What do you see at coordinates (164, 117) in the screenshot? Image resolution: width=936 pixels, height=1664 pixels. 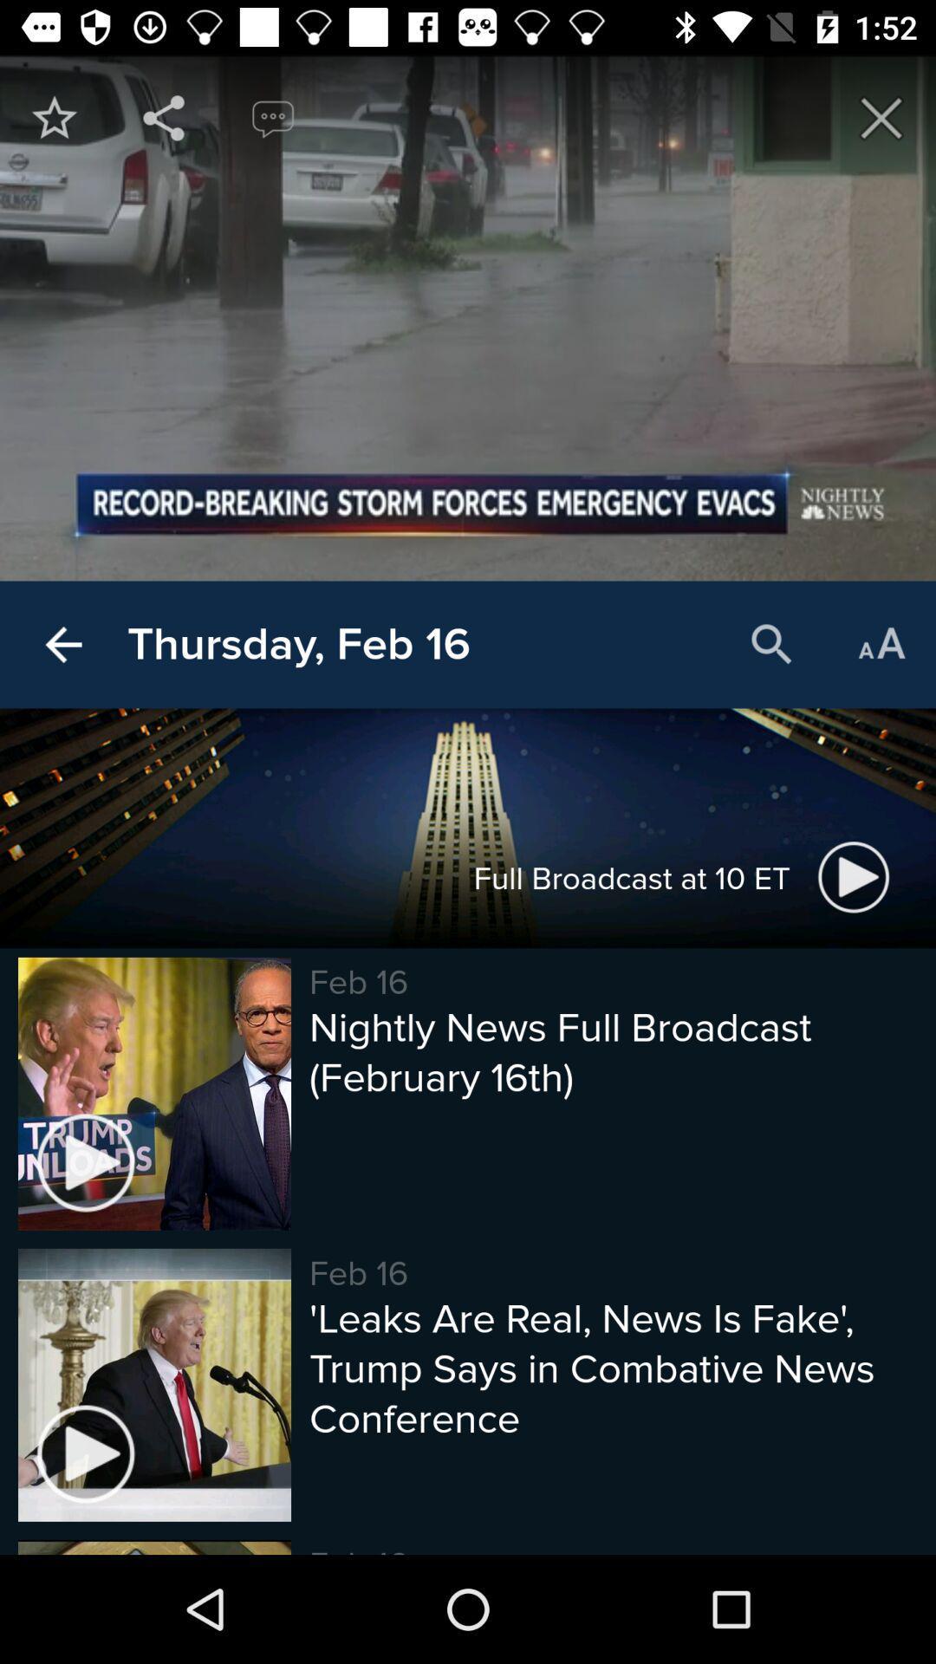 I see `share this video` at bounding box center [164, 117].